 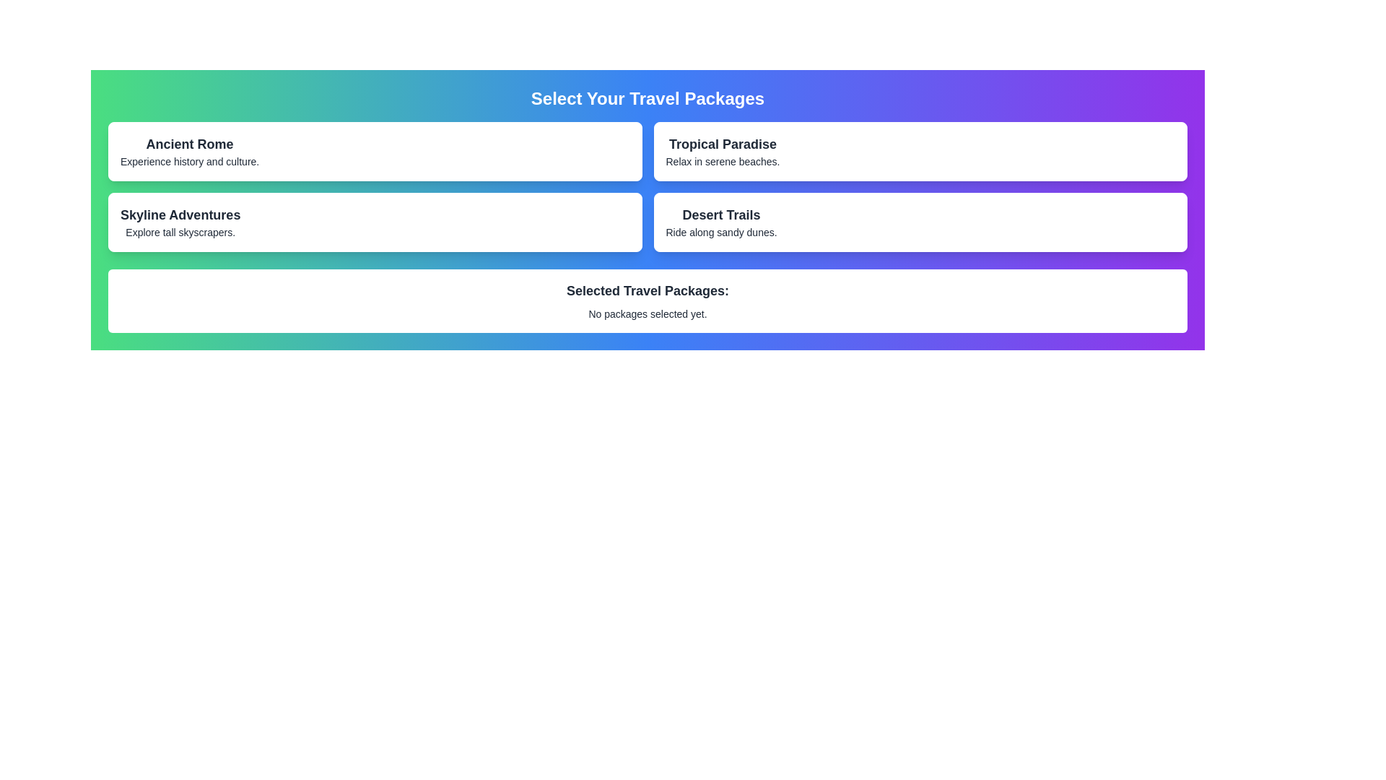 What do you see at coordinates (721, 222) in the screenshot?
I see `the textual element titled 'Desert Trails' with the subtitle 'Ride along sandy dunes.', located in the second column, second row of a grid layout, positioned between 'Tropical Paradise' and 'Selected Travel Packages'` at bounding box center [721, 222].